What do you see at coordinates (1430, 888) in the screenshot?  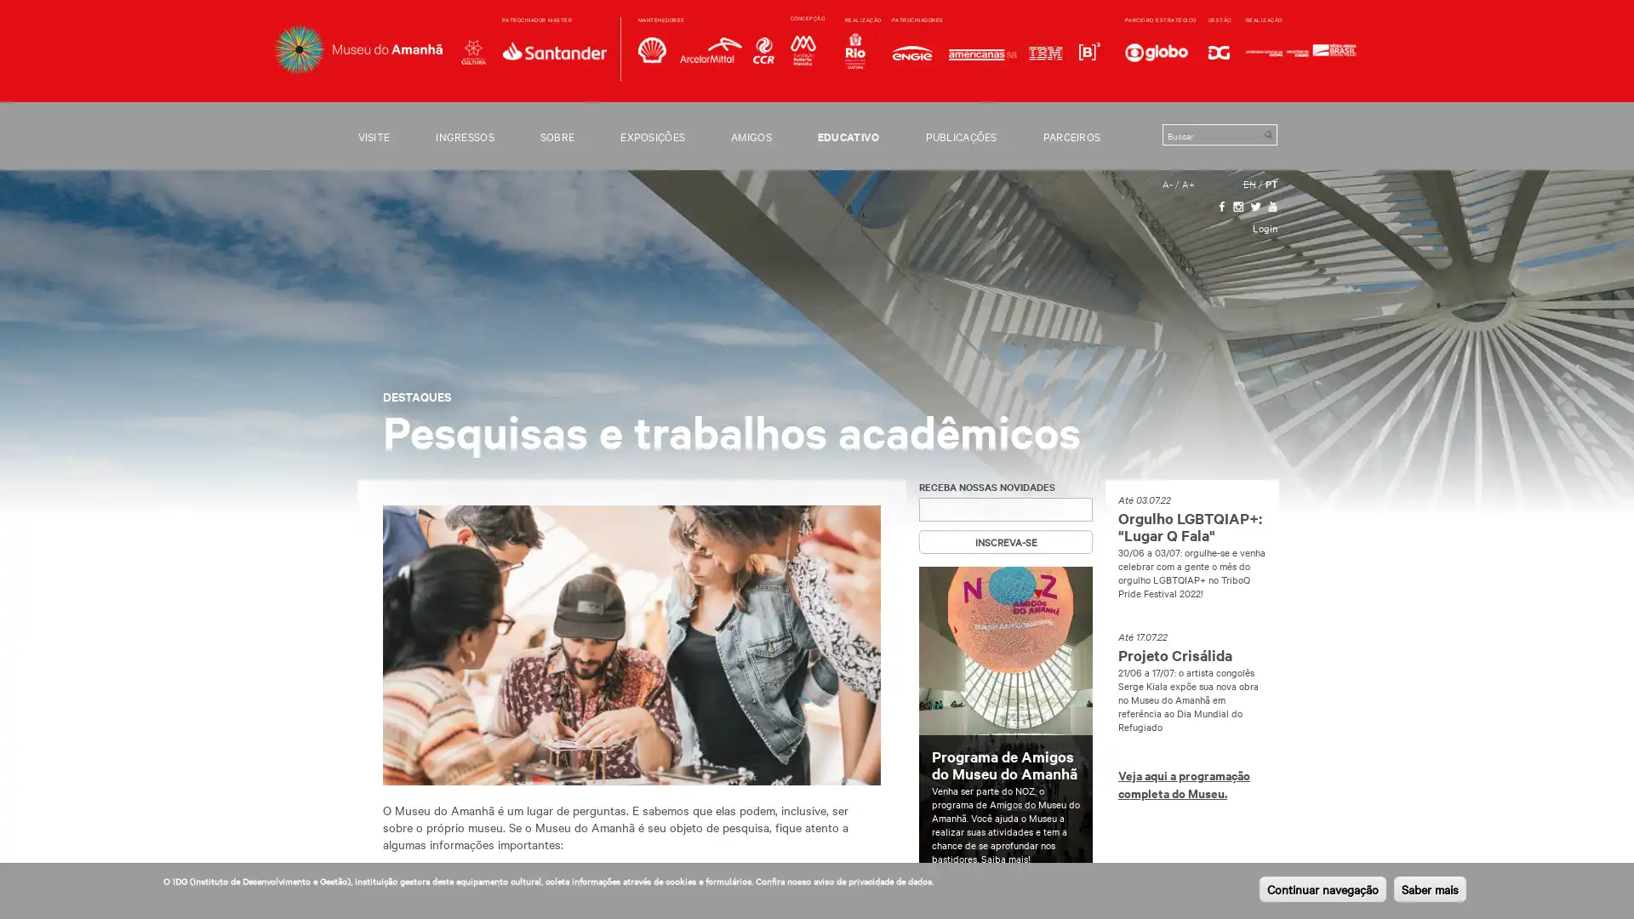 I see `Saber mais` at bounding box center [1430, 888].